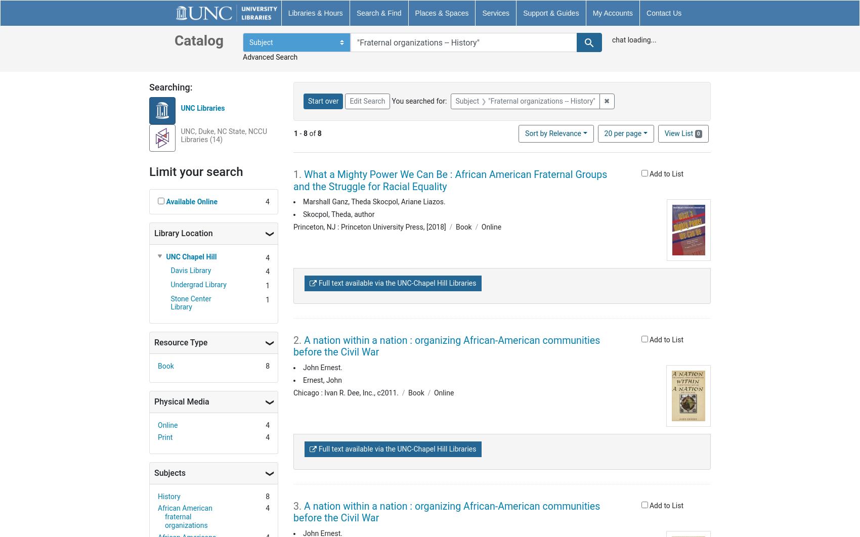 This screenshot has height=537, width=860. Describe the element at coordinates (198, 40) in the screenshot. I see `'Catalog'` at that location.